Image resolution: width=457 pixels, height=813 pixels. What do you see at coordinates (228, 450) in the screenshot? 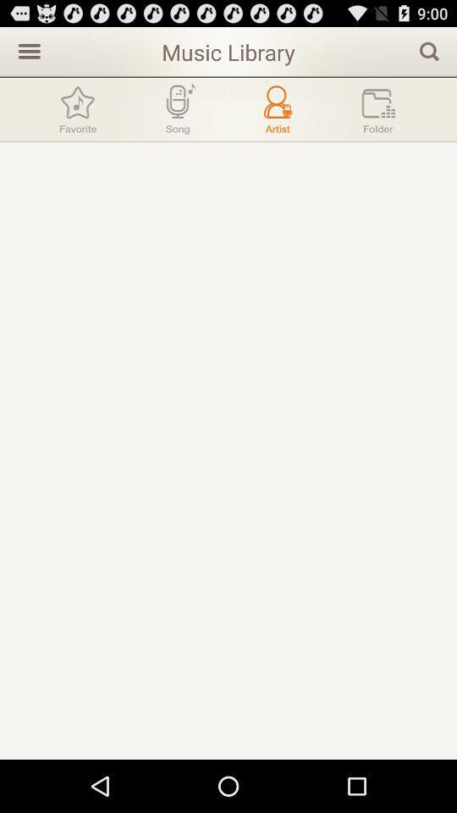
I see `icon at the center` at bounding box center [228, 450].